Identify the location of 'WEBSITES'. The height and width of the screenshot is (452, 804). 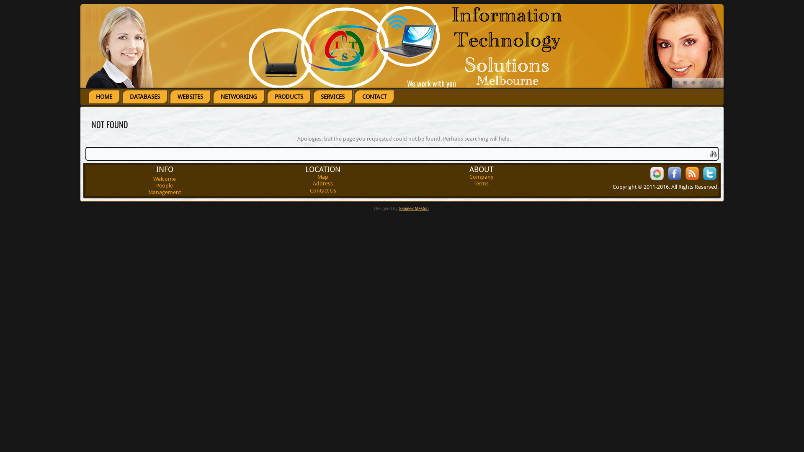
(170, 96).